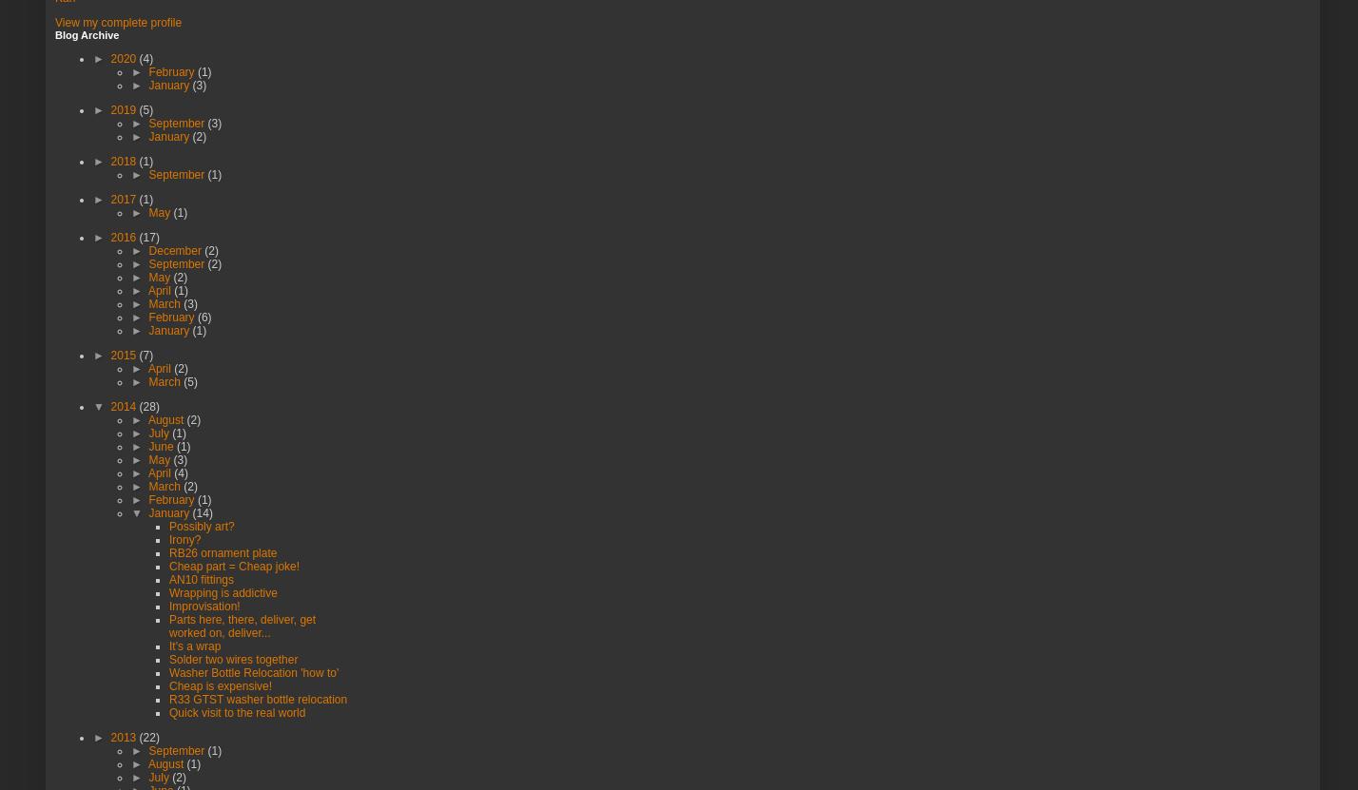 This screenshot has width=1358, height=790. What do you see at coordinates (221, 684) in the screenshot?
I see `'Cheap is expensive!'` at bounding box center [221, 684].